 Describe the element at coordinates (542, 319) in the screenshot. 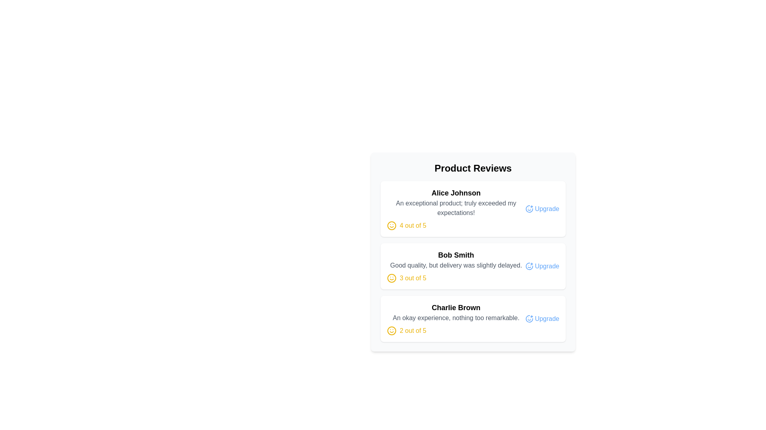

I see `'Upgrade' button for the review by Charlie Brown` at that location.